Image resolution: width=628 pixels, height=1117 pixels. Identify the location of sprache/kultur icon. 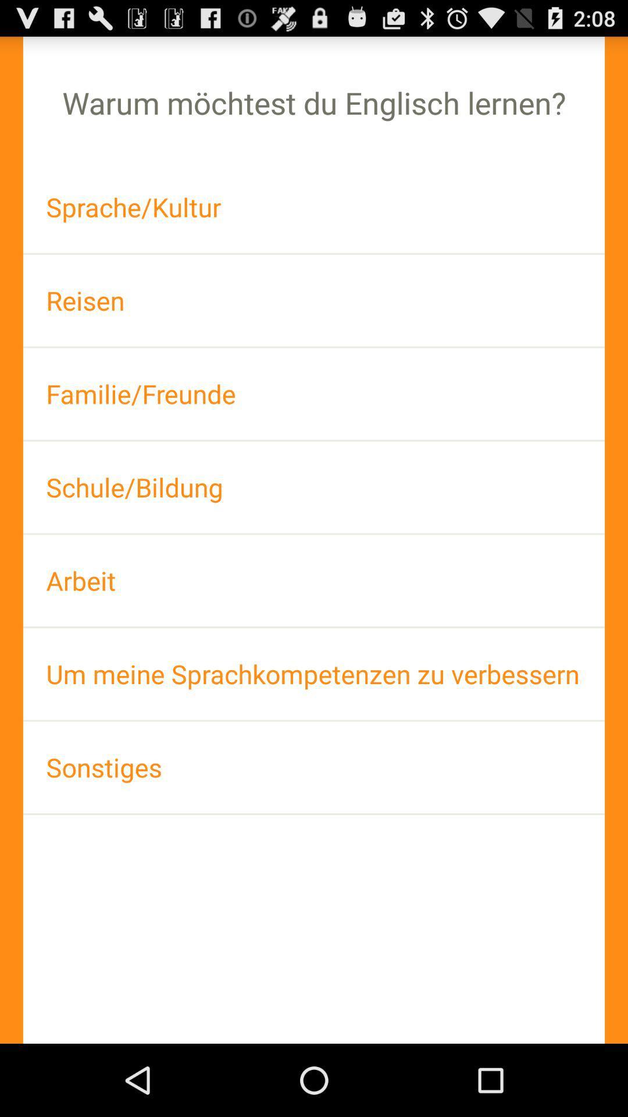
(314, 207).